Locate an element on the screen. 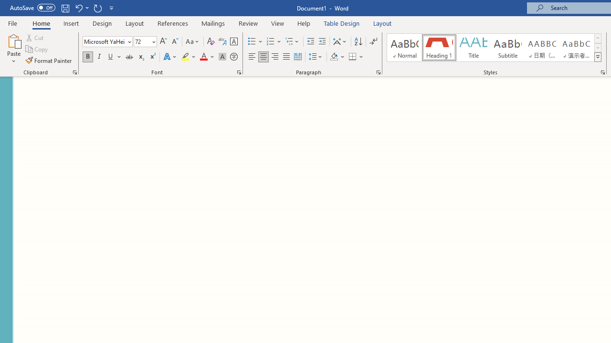  'Title' is located at coordinates (474, 48).